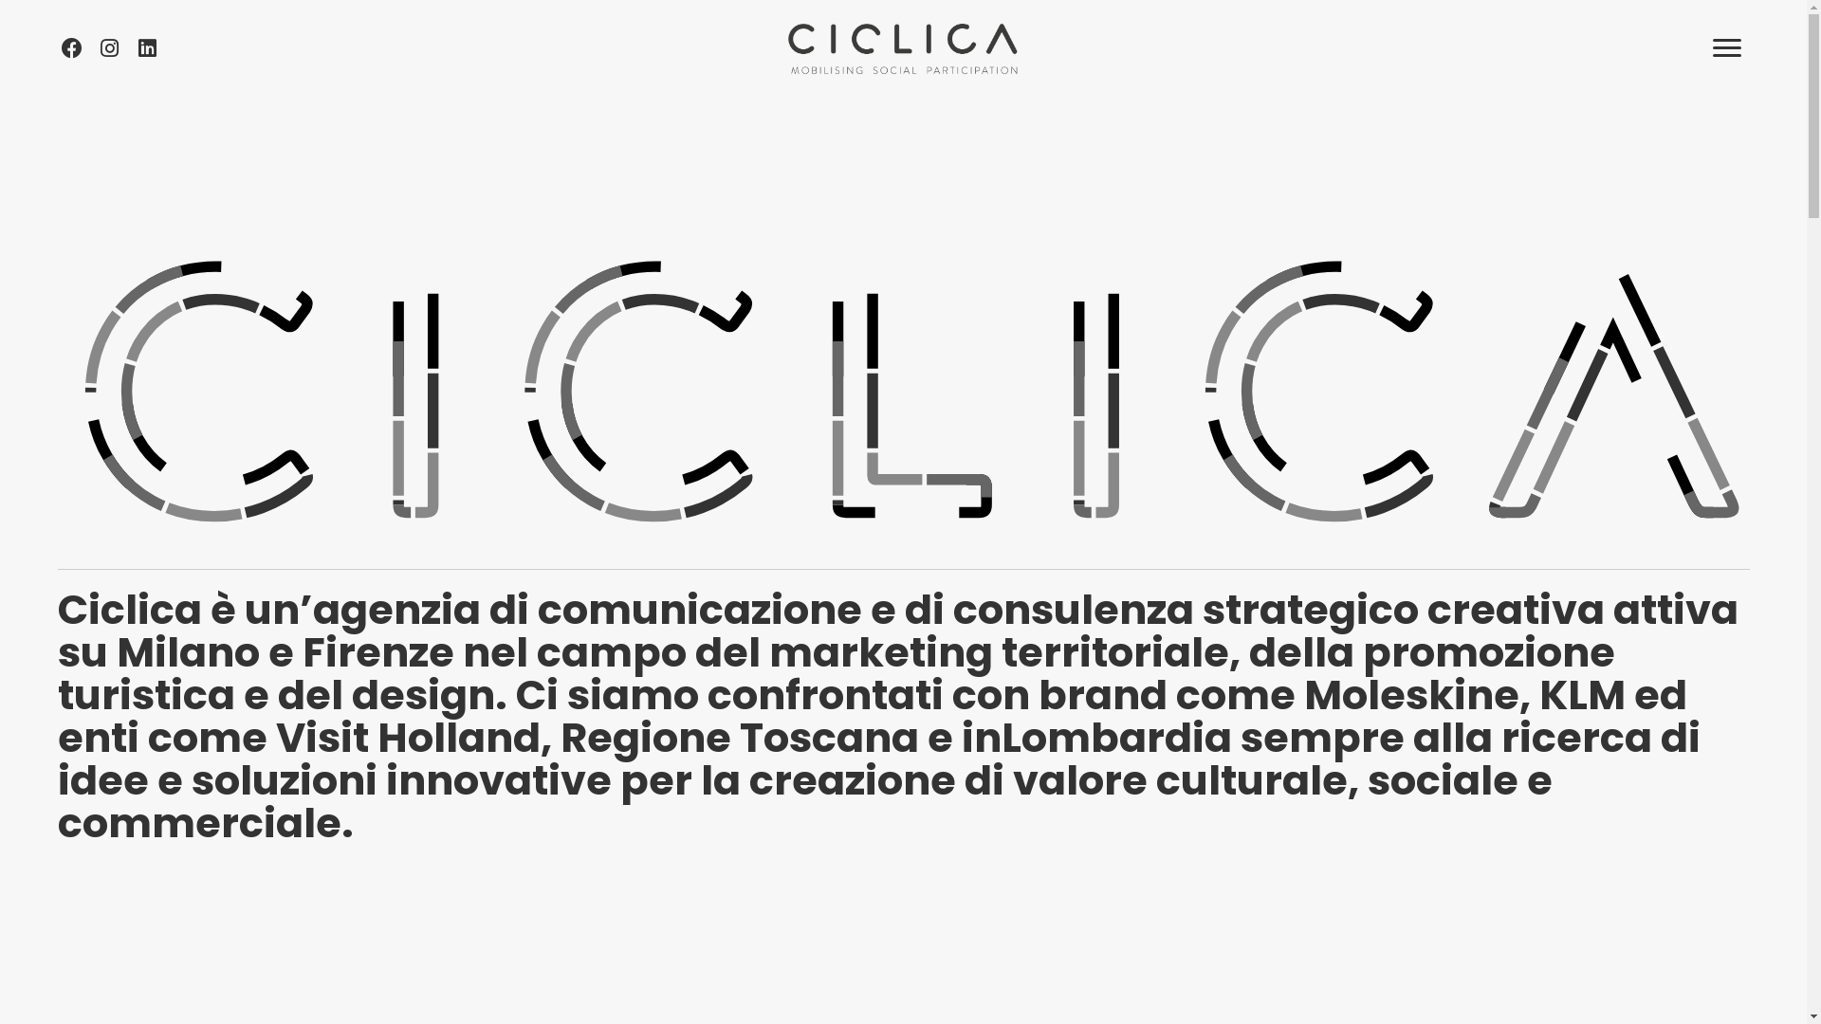  What do you see at coordinates (145, 46) in the screenshot?
I see `'LinkedIn'` at bounding box center [145, 46].